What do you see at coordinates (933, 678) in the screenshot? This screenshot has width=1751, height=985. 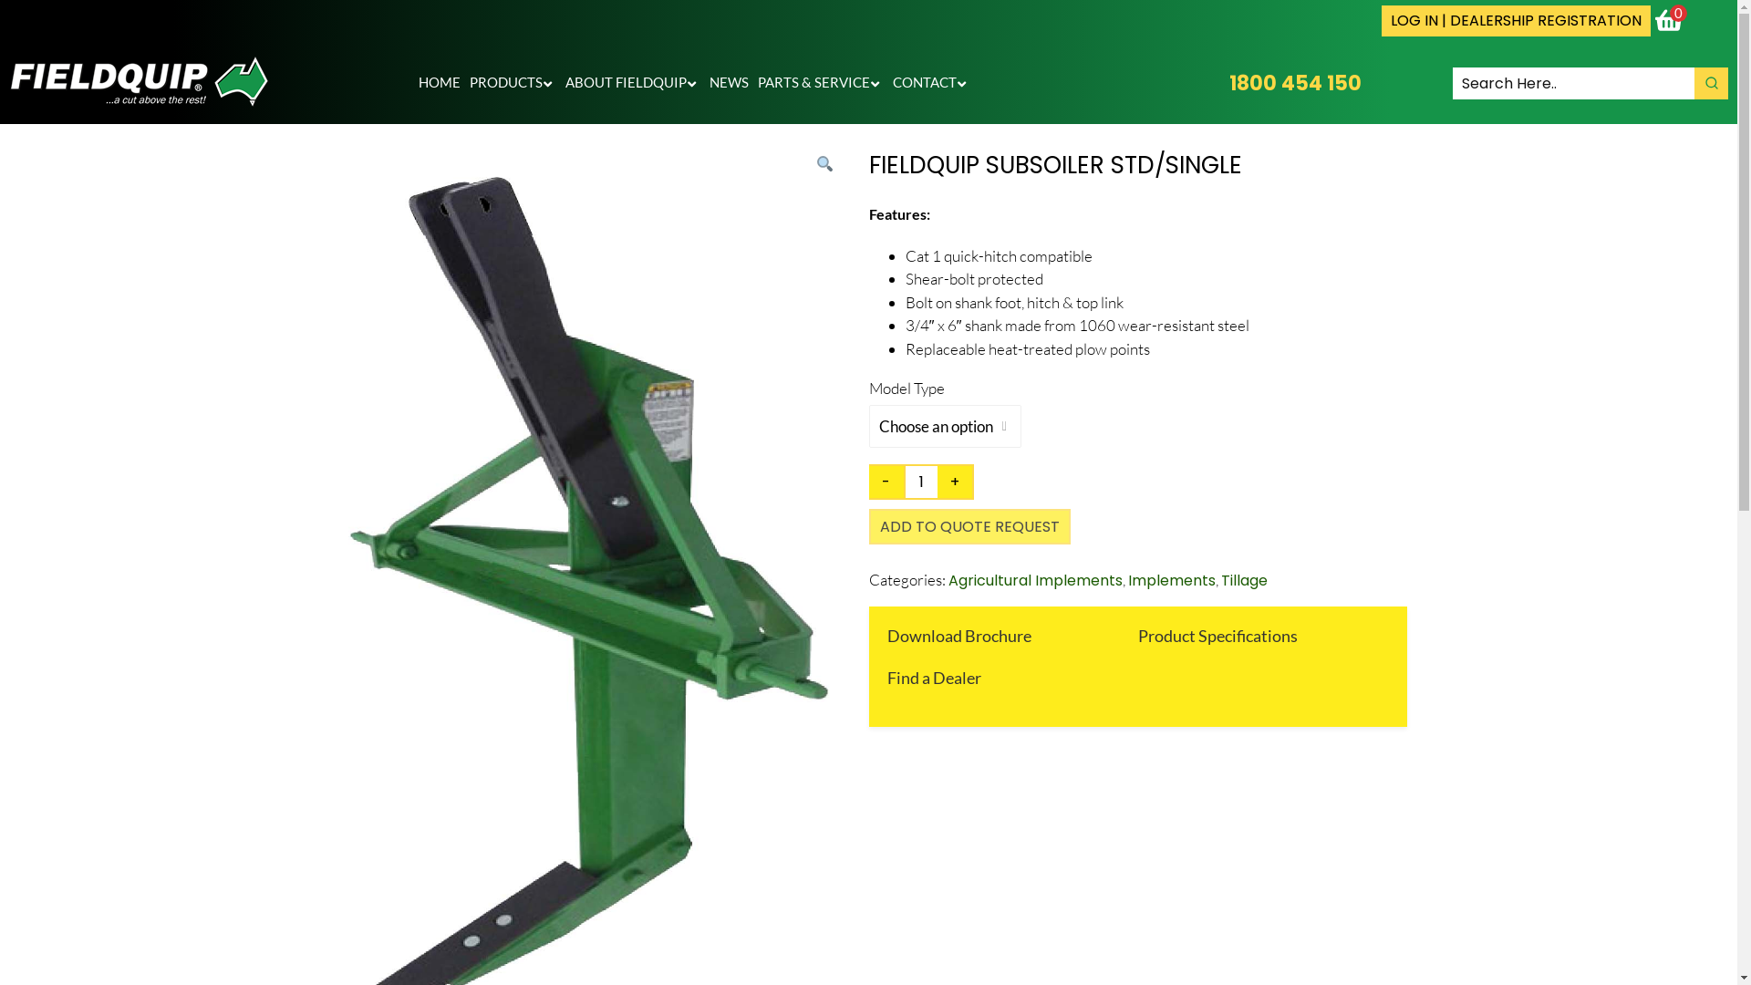 I see `'Find a Dealer'` at bounding box center [933, 678].